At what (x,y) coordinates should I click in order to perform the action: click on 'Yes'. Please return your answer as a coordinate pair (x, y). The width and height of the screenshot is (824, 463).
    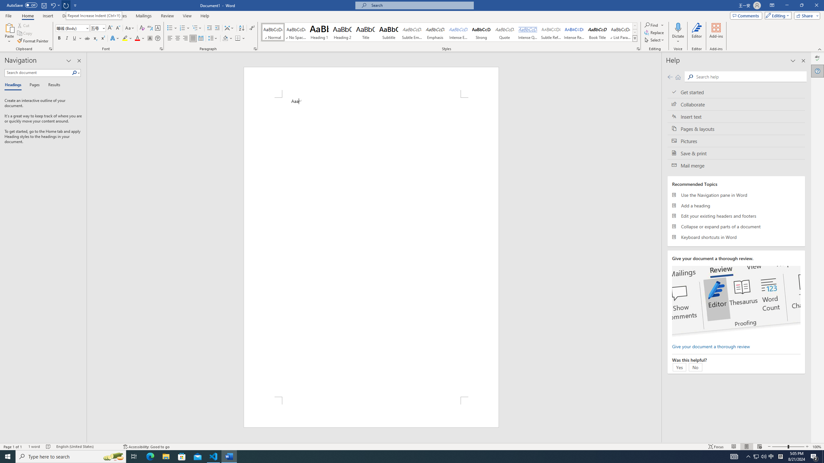
    Looking at the image, I should click on (679, 367).